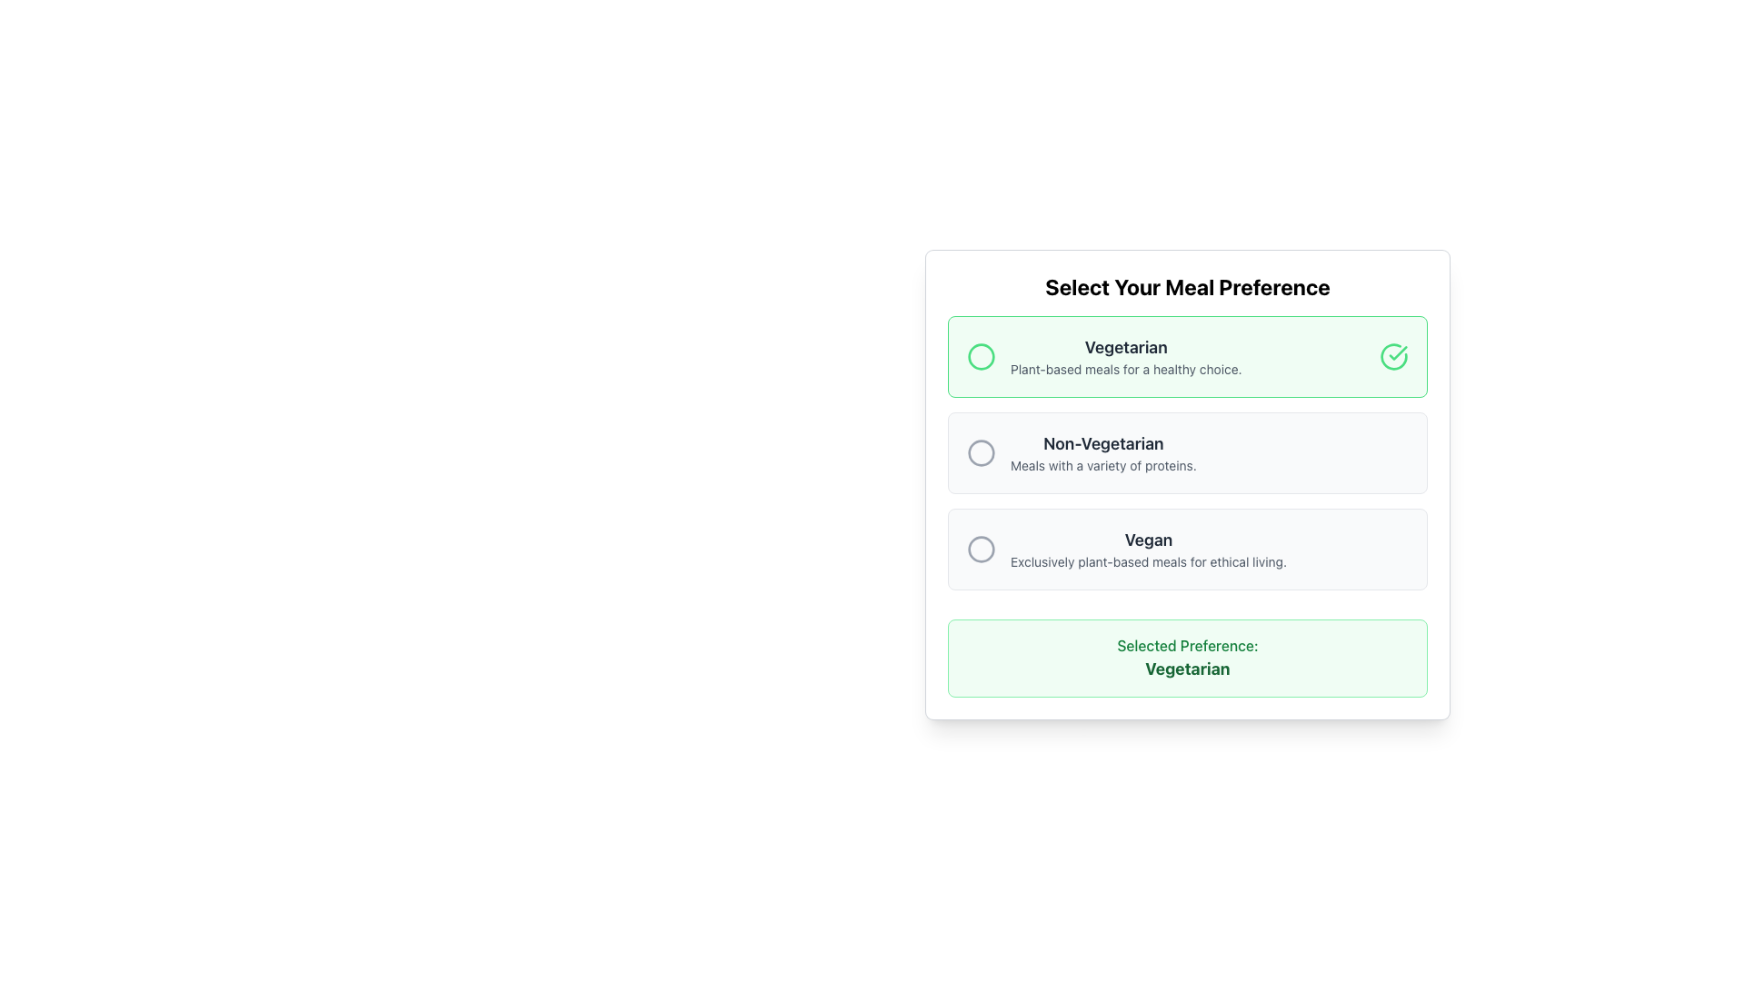  I want to click on the 'Vegetarian' meal preference icon located inside the green-highlighted box, so click(1397, 353).